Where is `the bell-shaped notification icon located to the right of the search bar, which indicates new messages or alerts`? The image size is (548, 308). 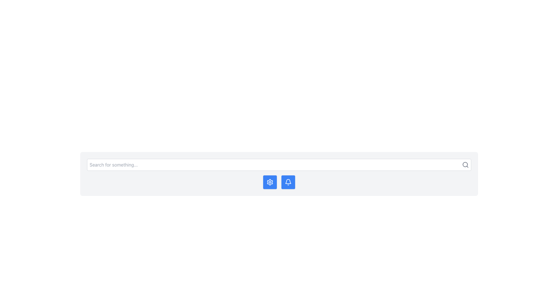 the bell-shaped notification icon located to the right of the search bar, which indicates new messages or alerts is located at coordinates (288, 181).